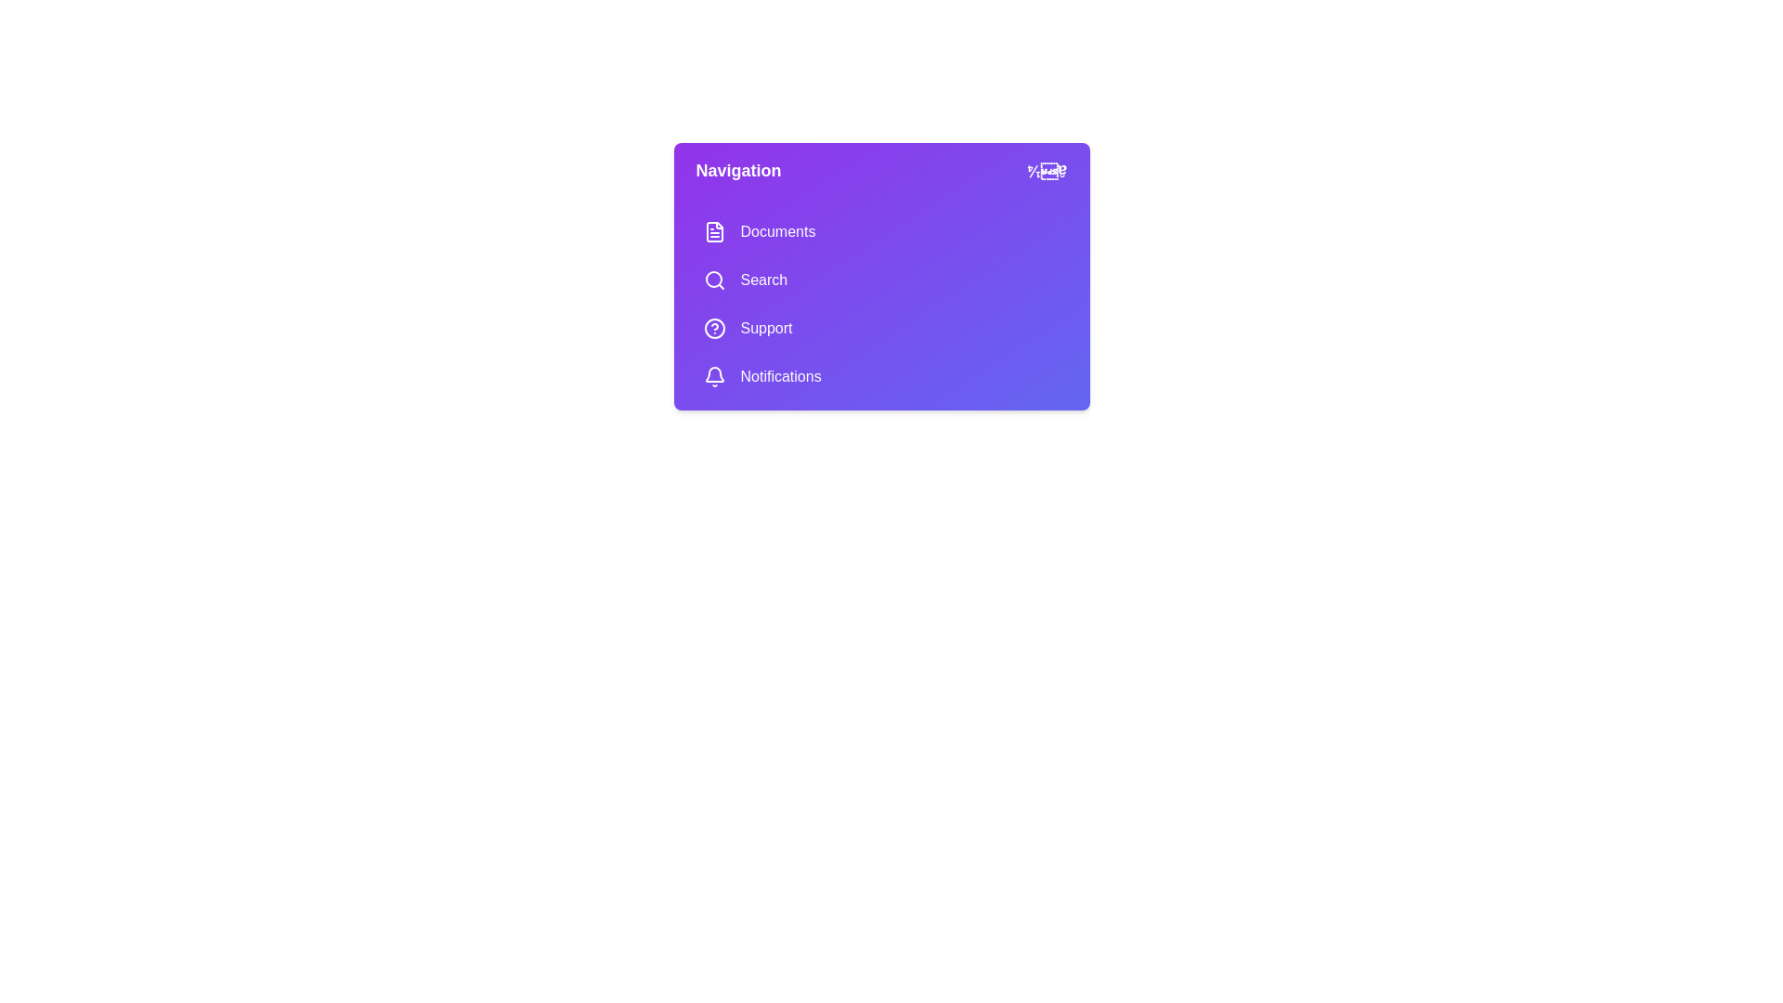 The height and width of the screenshot is (1003, 1783). I want to click on the icon next to the menu item Search, so click(713, 280).